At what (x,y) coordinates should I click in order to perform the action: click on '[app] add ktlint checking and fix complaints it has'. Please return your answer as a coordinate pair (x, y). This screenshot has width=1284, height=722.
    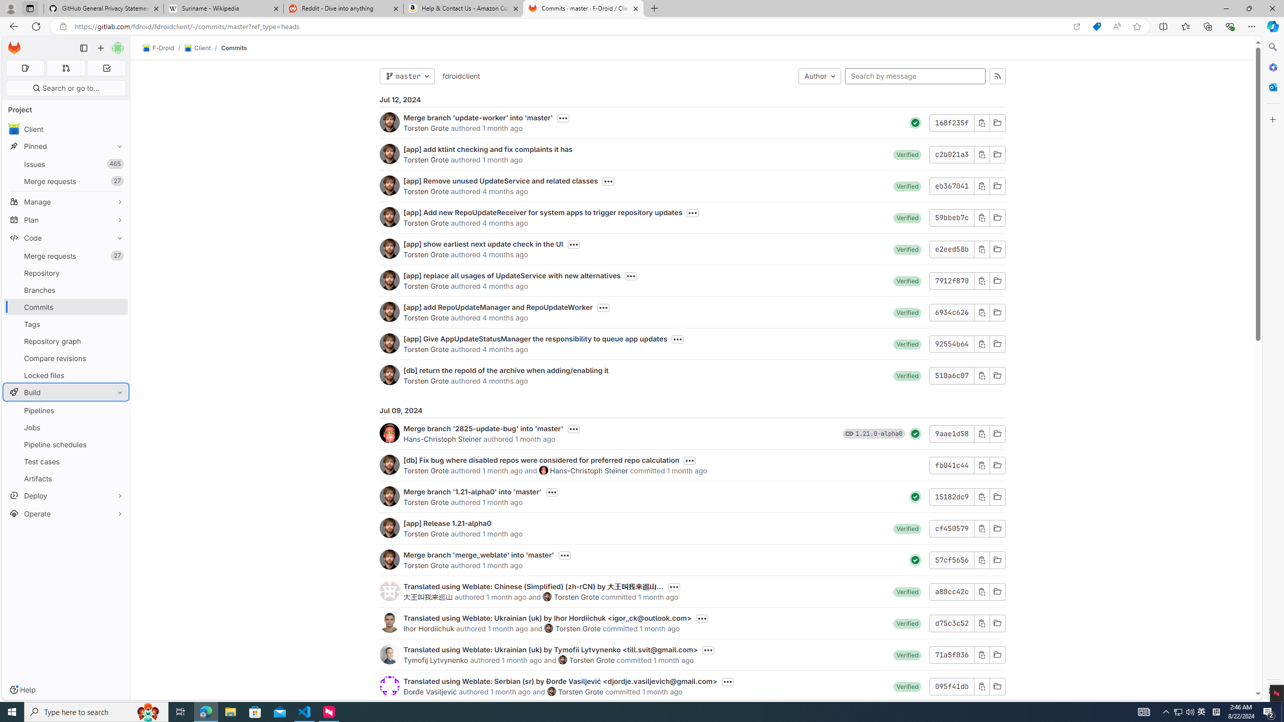
    Looking at the image, I should click on (487, 148).